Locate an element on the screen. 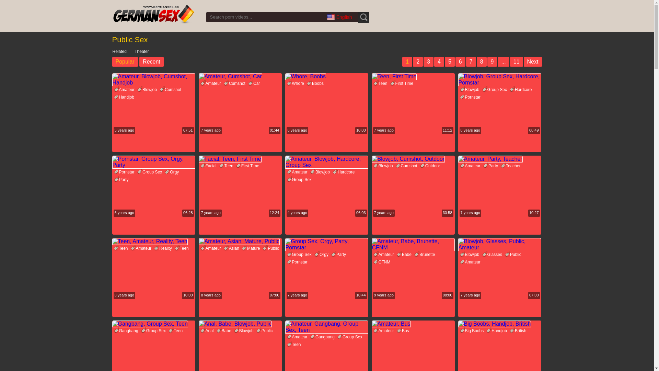 This screenshot has height=371, width=659. 'Next' is located at coordinates (532, 62).